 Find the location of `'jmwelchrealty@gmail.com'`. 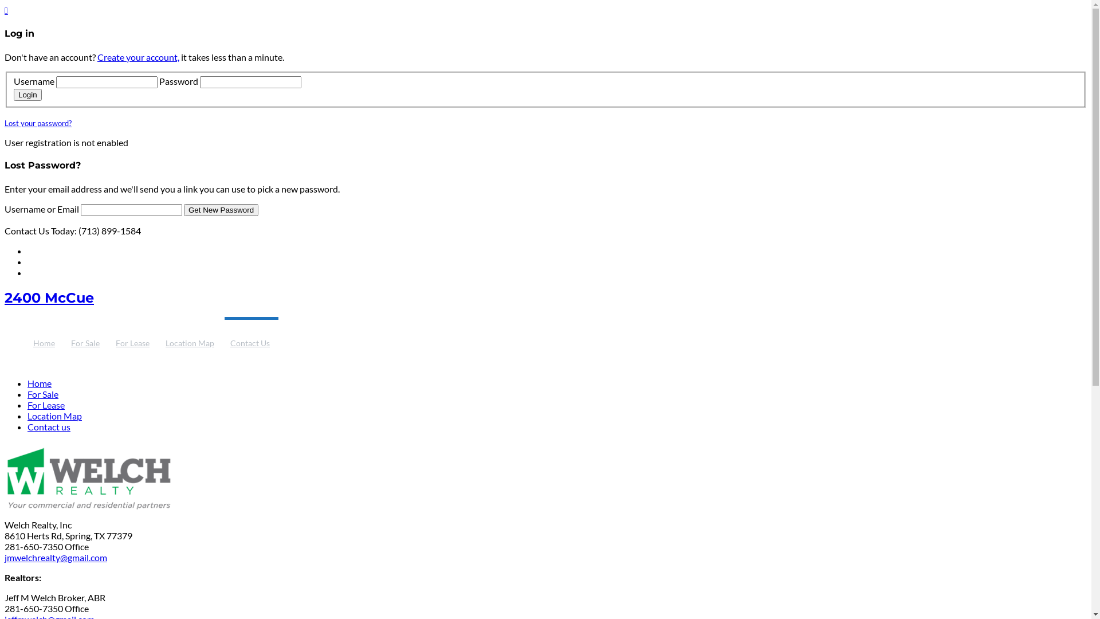

'jmwelchrealty@gmail.com' is located at coordinates (55, 557).